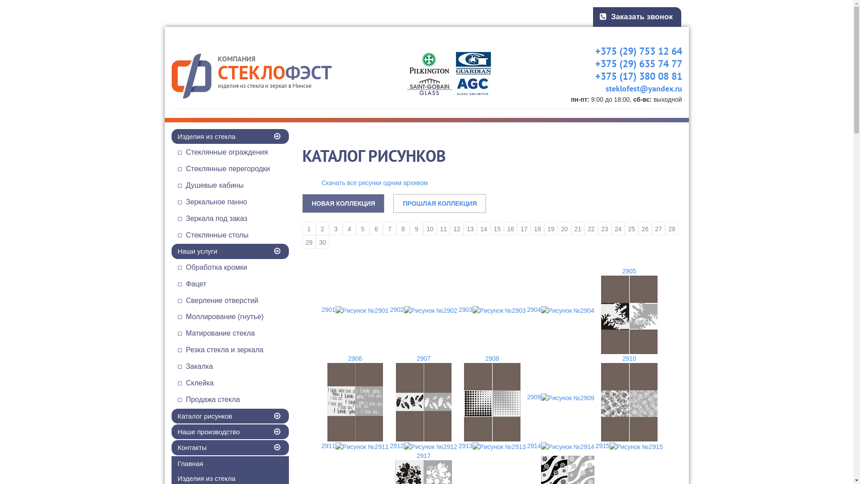 Image resolution: width=860 pixels, height=484 pixels. I want to click on '6', so click(376, 228).